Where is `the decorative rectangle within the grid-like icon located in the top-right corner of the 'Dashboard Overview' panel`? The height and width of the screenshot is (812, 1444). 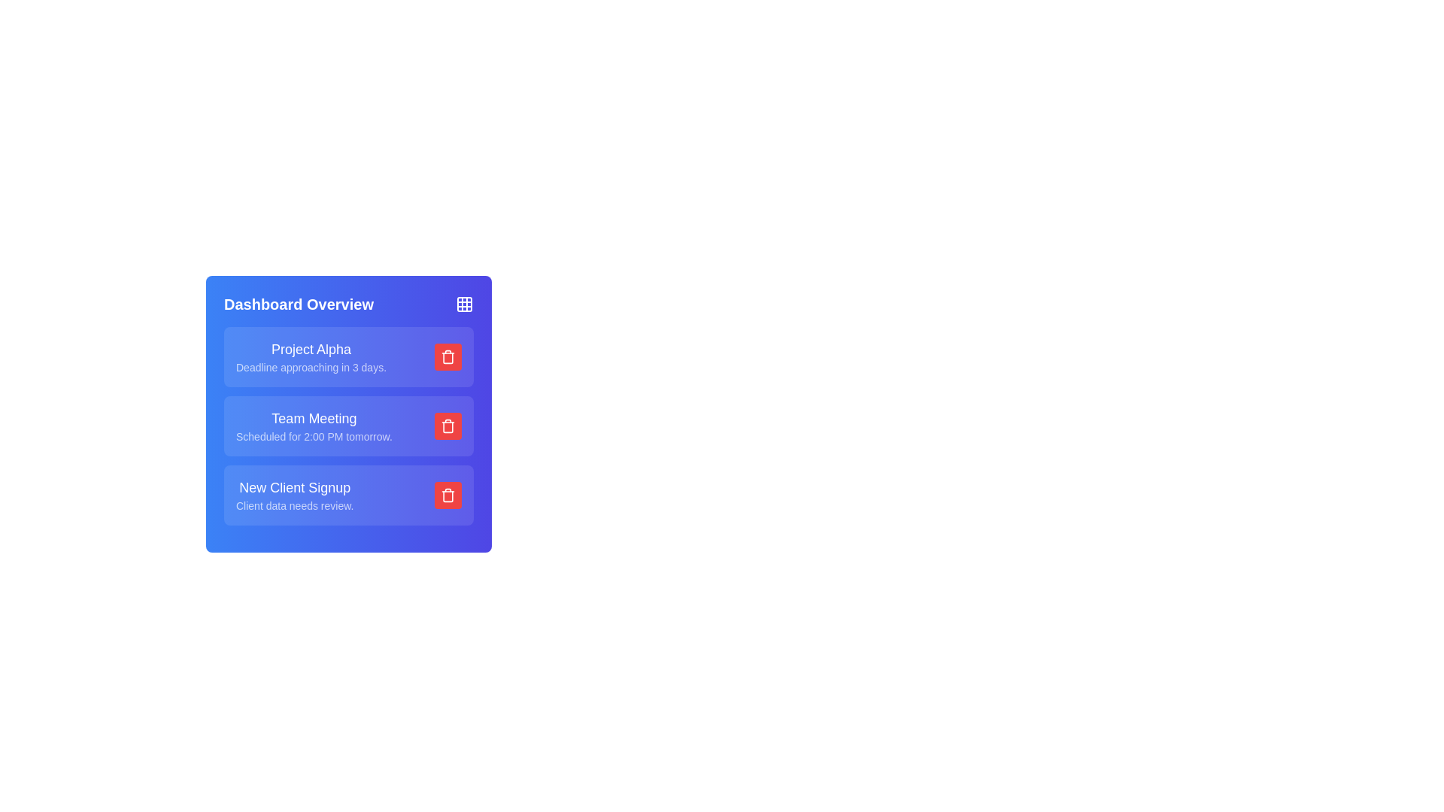 the decorative rectangle within the grid-like icon located in the top-right corner of the 'Dashboard Overview' panel is located at coordinates (464, 304).